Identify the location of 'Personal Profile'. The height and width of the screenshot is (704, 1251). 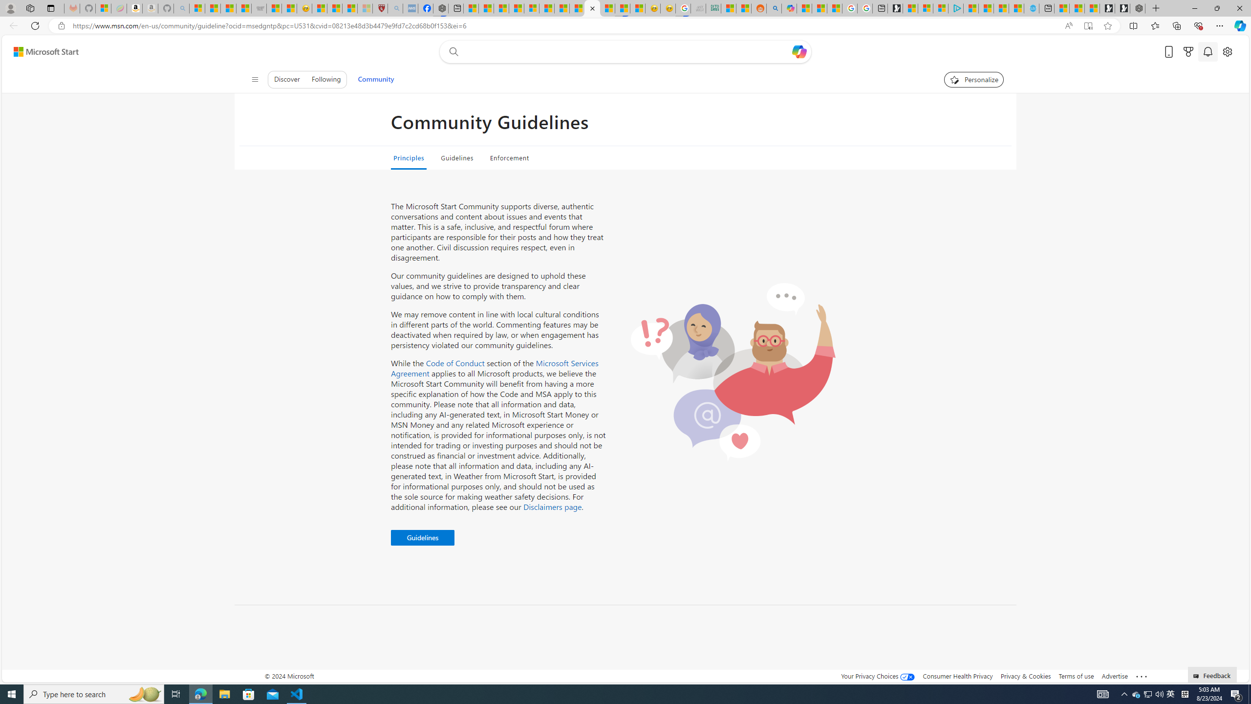
(10, 8).